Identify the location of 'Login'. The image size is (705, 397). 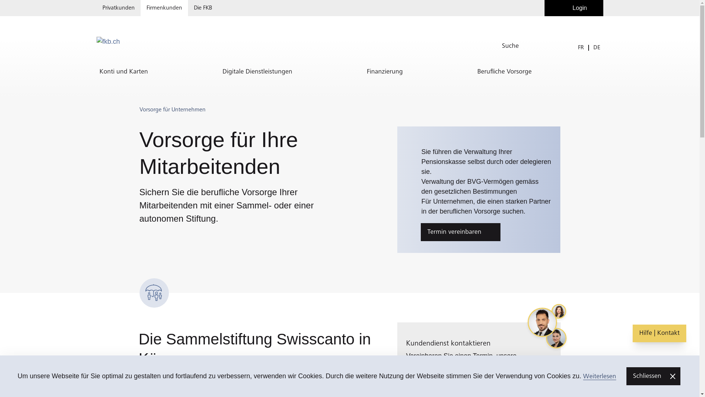
(545, 8).